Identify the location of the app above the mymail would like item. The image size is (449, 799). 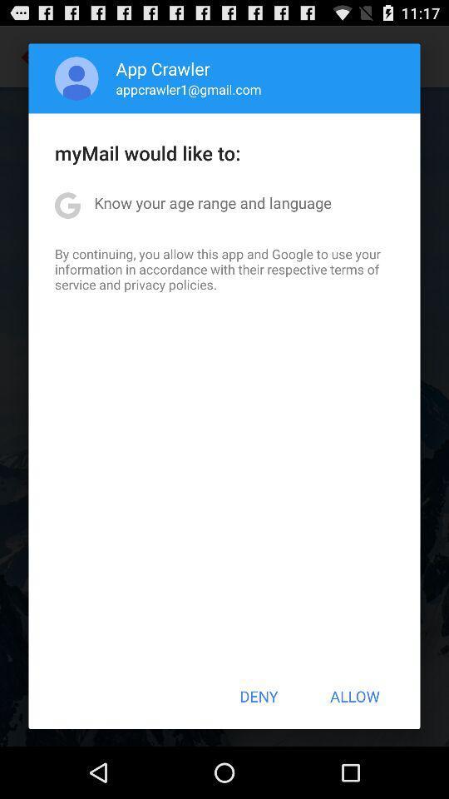
(76, 78).